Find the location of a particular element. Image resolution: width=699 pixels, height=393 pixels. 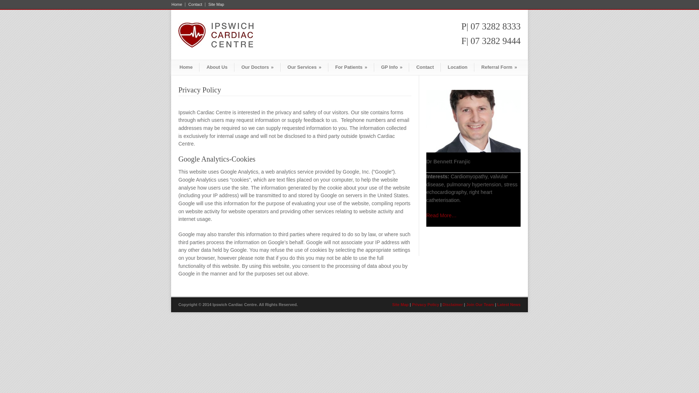

'Home' is located at coordinates (186, 67).